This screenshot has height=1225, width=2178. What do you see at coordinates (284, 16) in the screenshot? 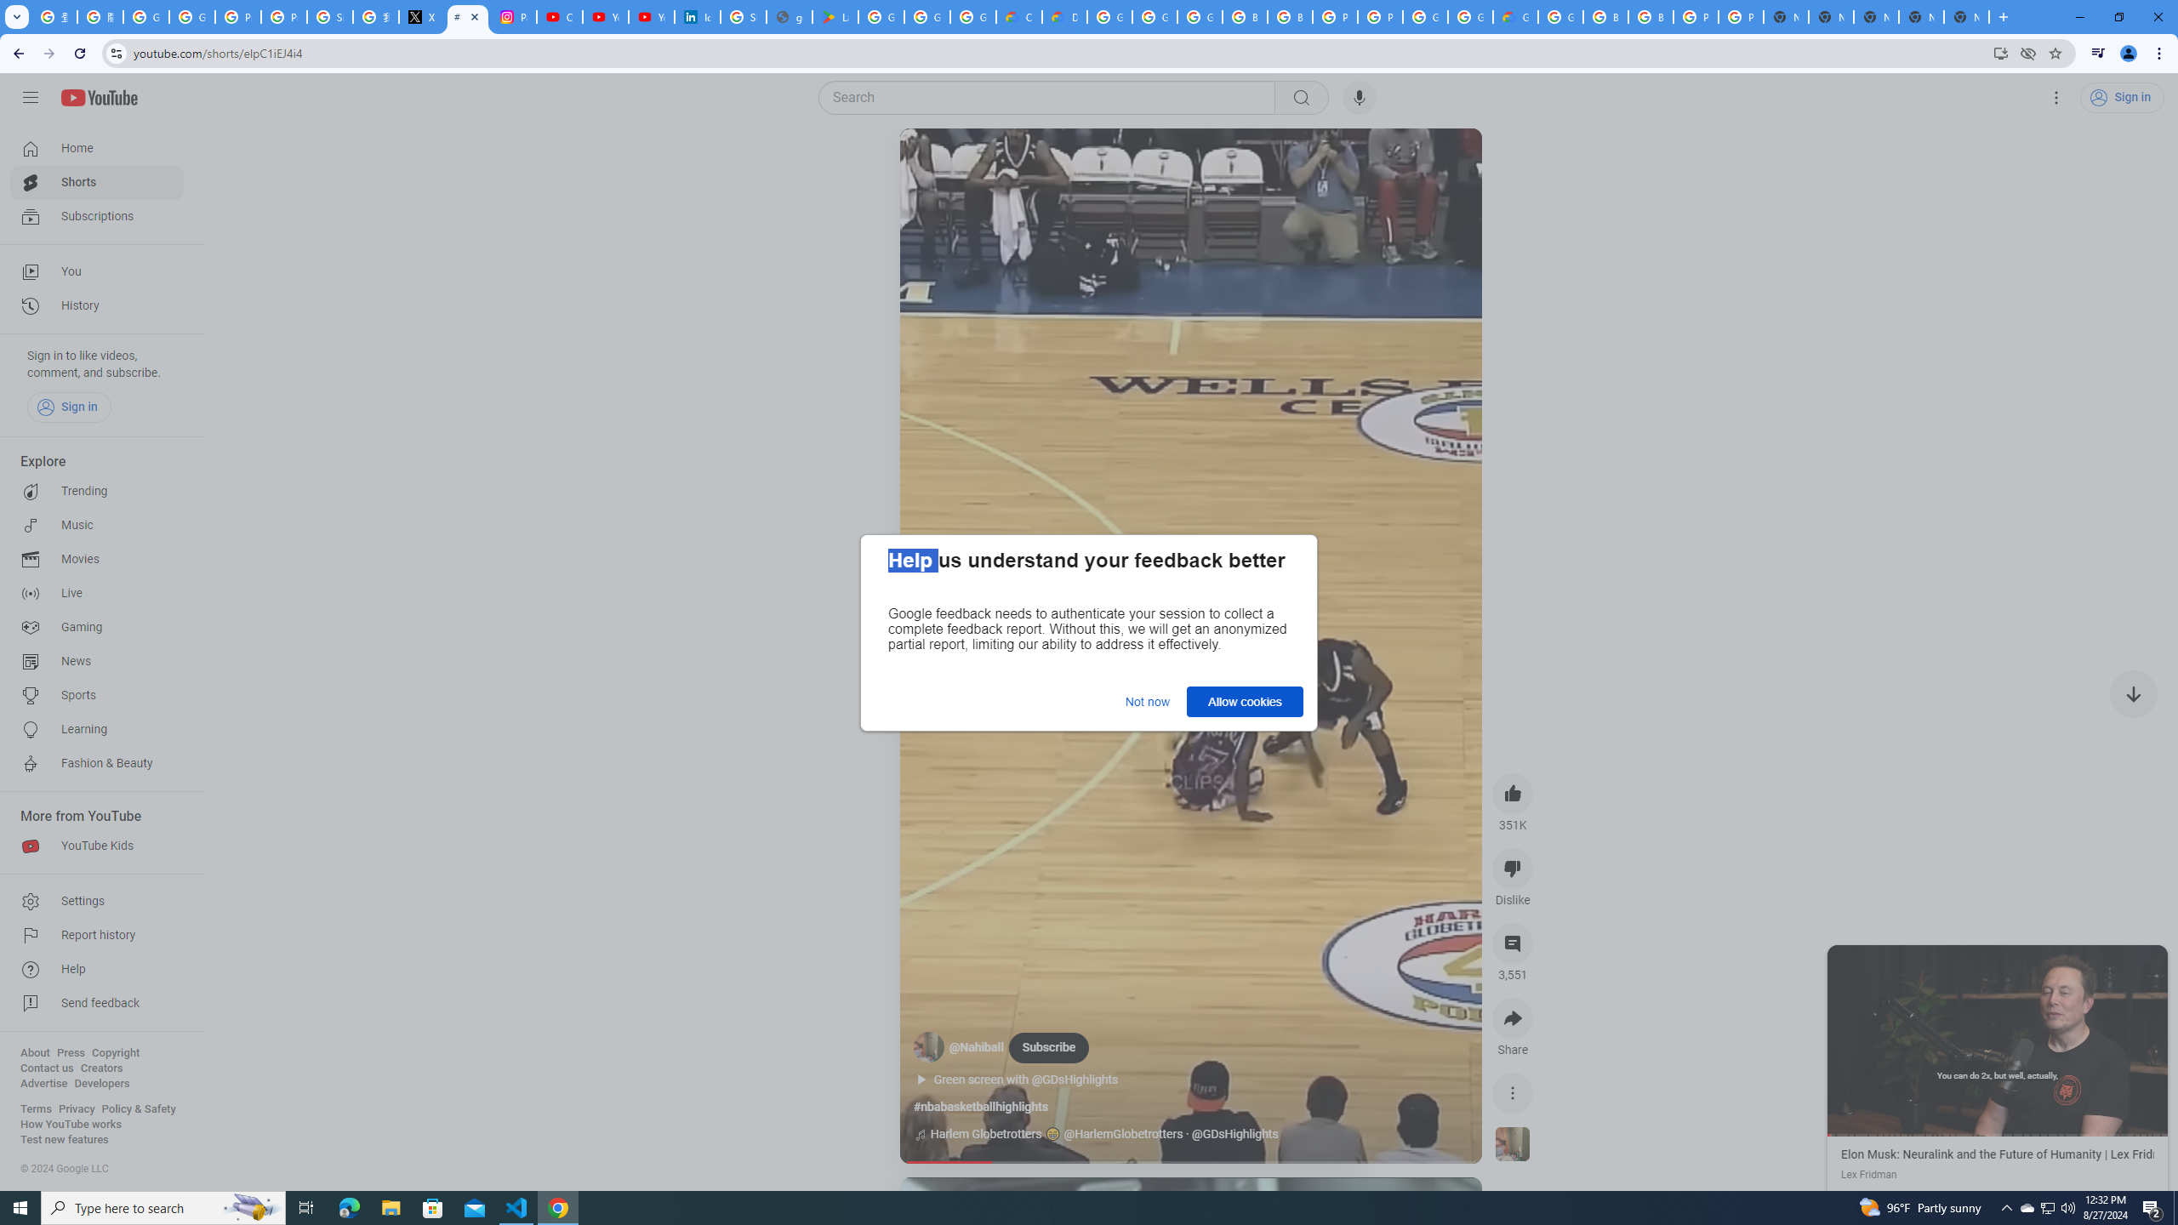
I see `'Privacy Help Center - Policies Help'` at bounding box center [284, 16].